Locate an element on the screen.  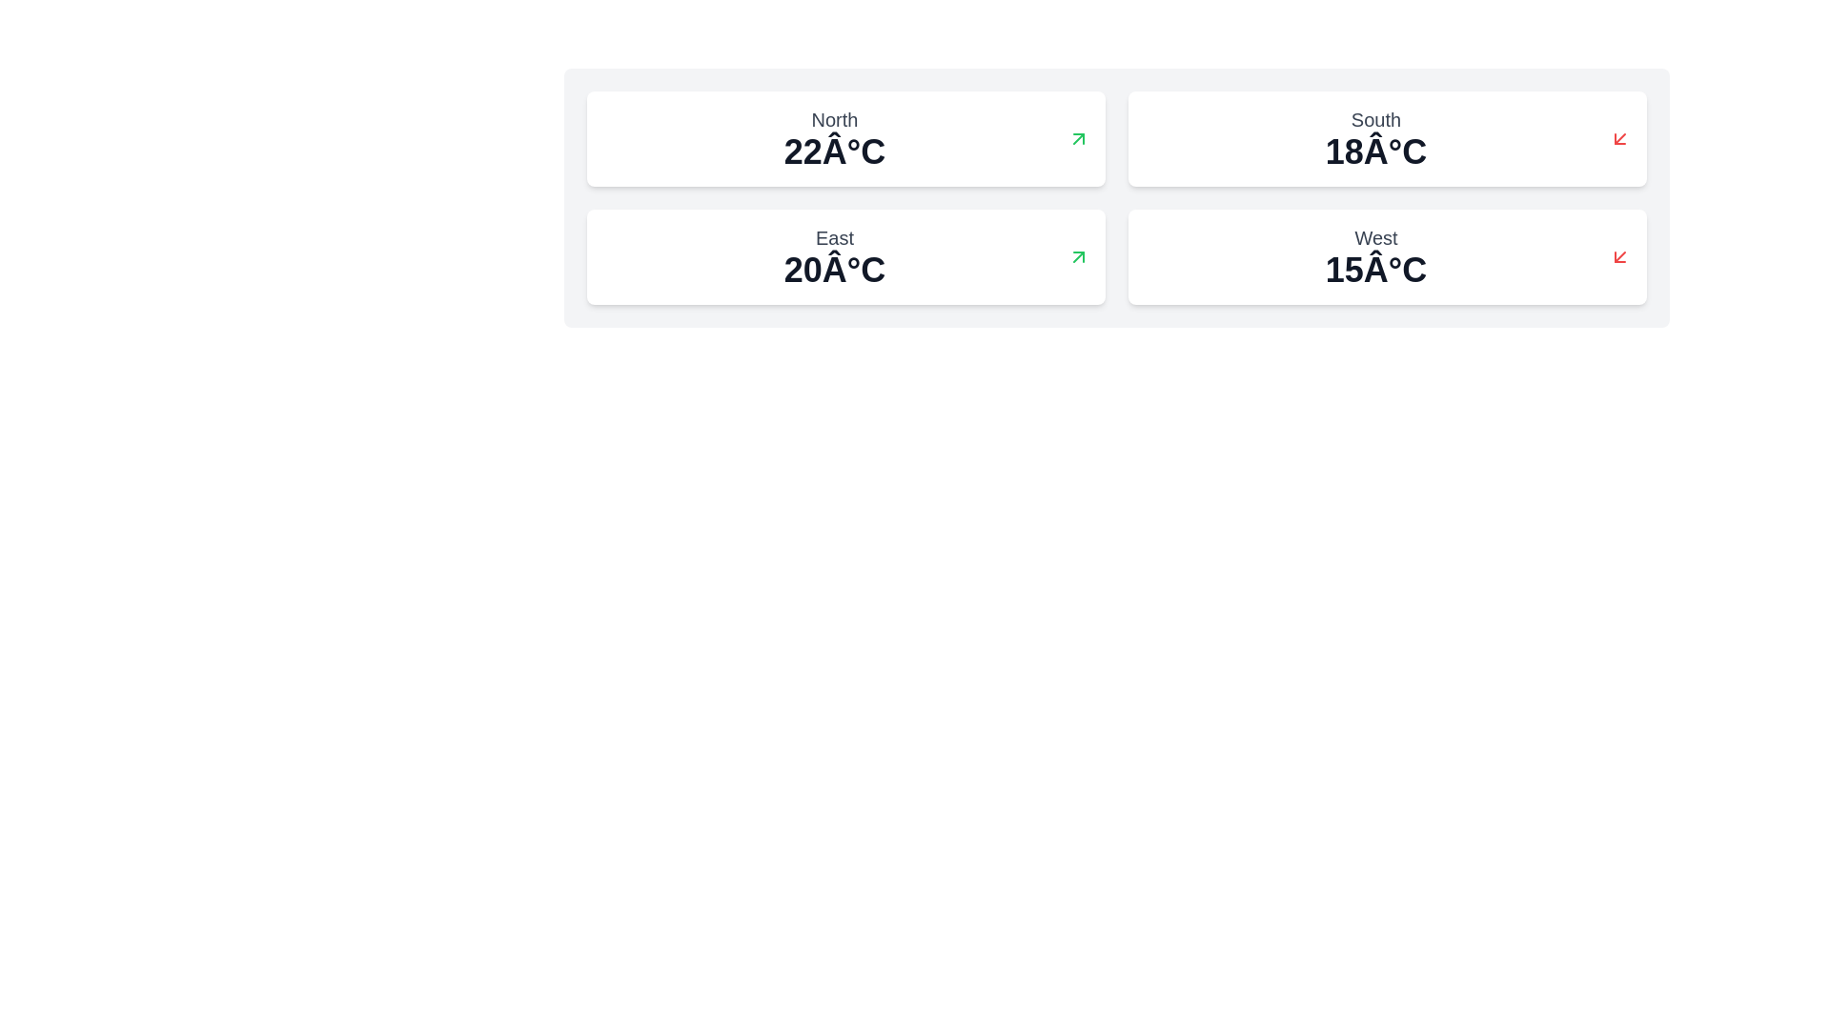
text label indicating direction ('East') located in the bottom-left area of the four-box grid layout, positioned above the temperature display ('20°C') is located at coordinates (834, 237).